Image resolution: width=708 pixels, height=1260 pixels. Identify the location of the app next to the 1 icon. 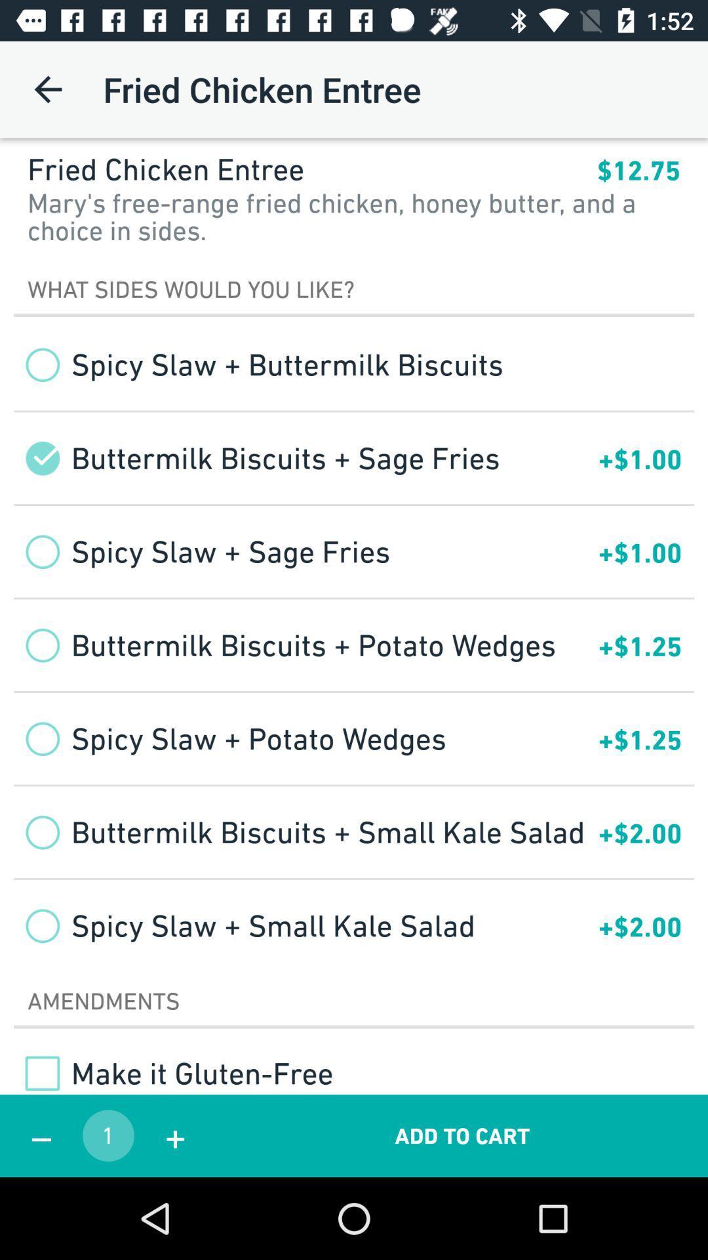
(174, 1135).